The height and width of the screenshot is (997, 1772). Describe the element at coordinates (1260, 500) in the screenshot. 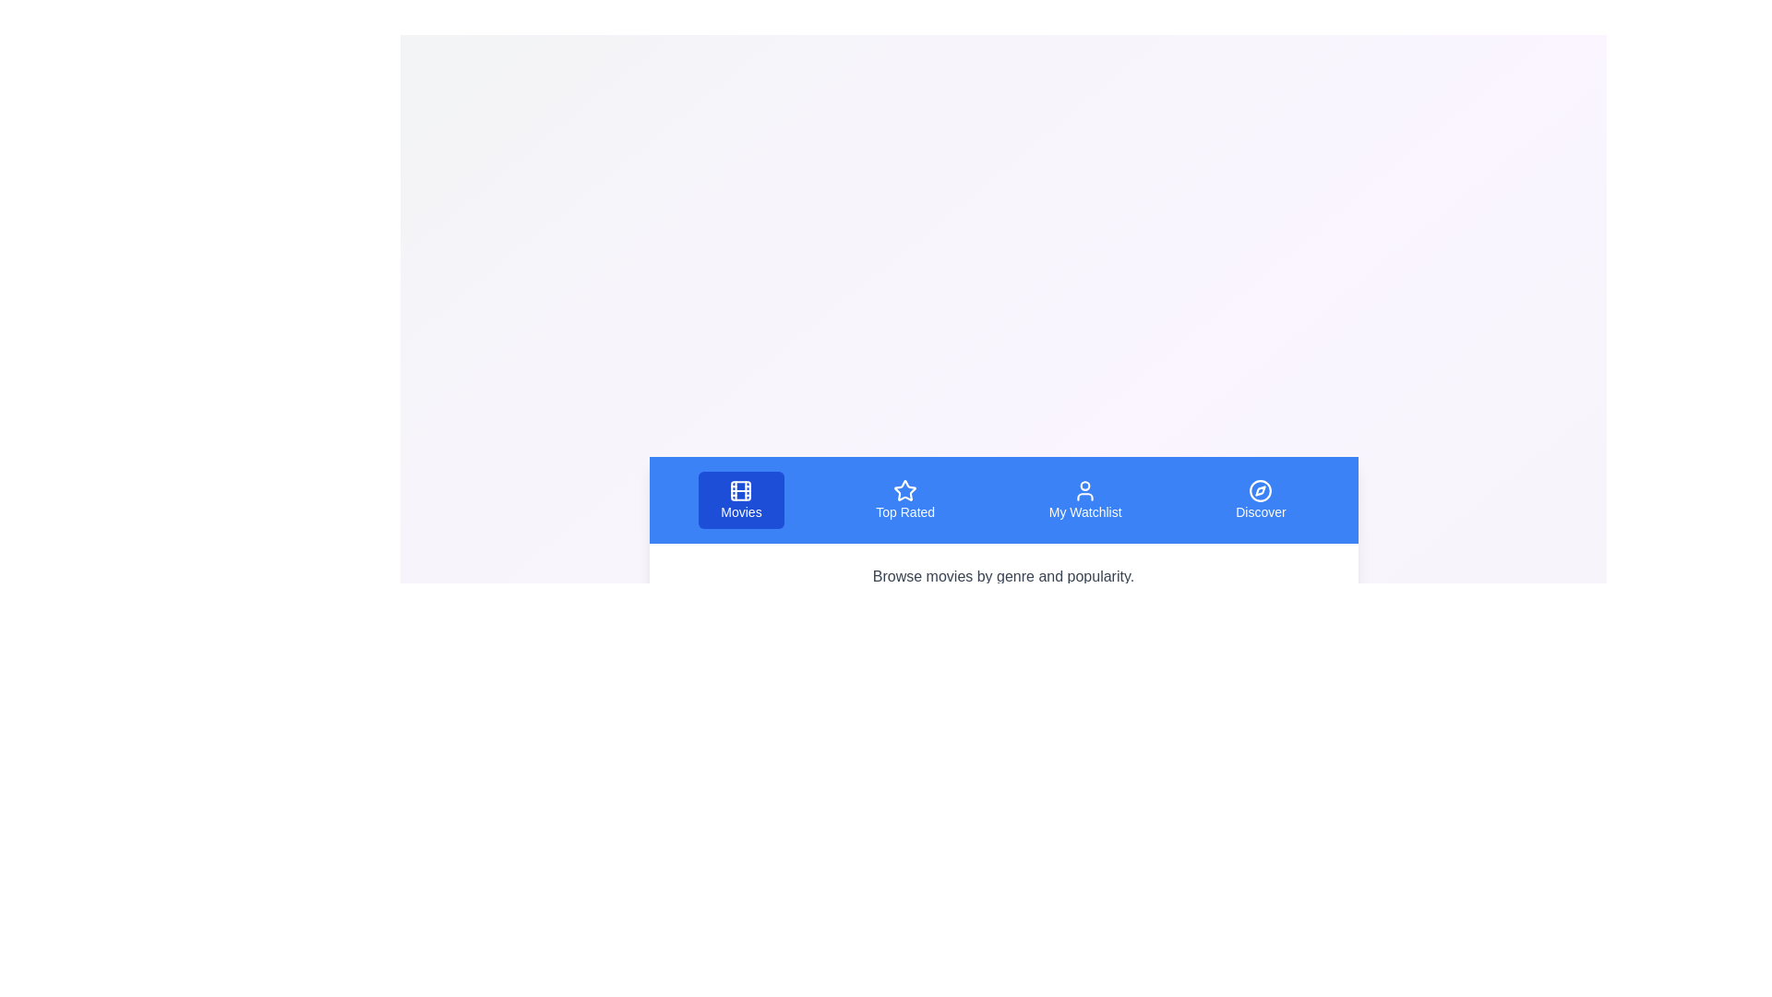

I see `the tab labeled 'Discover' to see its hover effect` at that location.